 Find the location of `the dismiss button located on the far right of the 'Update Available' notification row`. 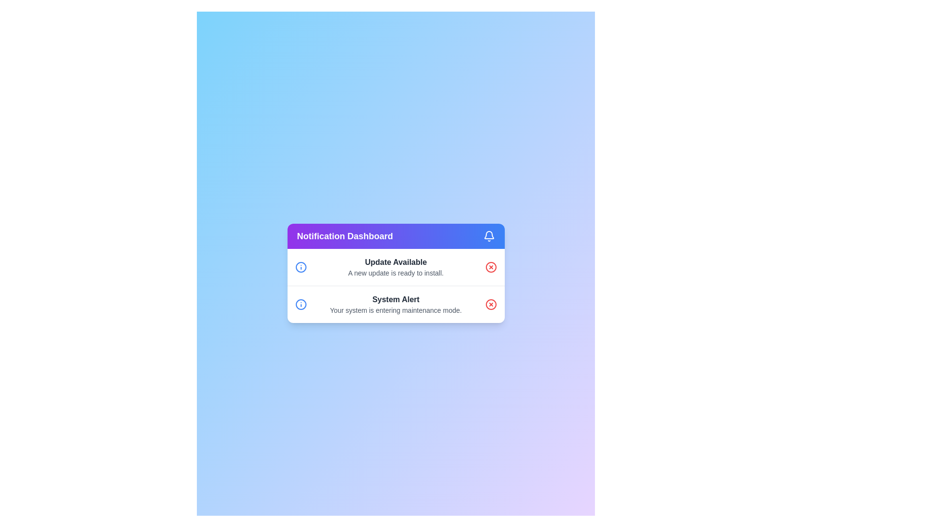

the dismiss button located on the far right of the 'Update Available' notification row is located at coordinates (491, 267).